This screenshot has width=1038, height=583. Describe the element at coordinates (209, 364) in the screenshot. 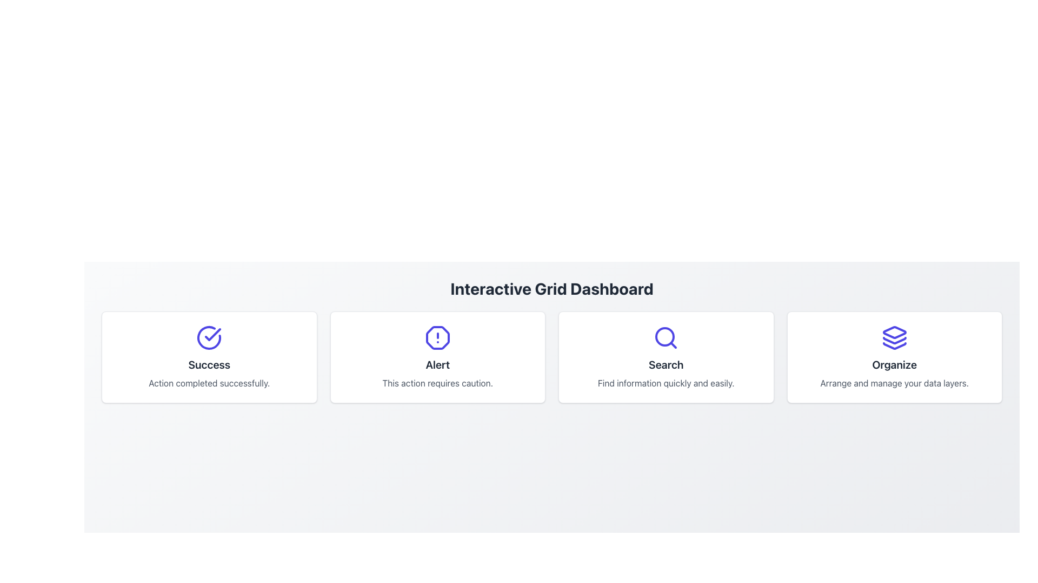

I see `the headline text label within the first card of the horizontally aligned grid, which serves as a quick summary or status indication of the associated card` at that location.